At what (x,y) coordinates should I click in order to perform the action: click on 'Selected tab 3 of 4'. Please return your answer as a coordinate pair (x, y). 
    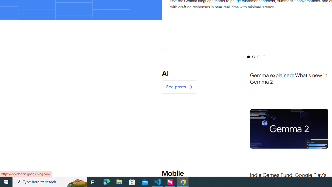
    Looking at the image, I should click on (259, 57).